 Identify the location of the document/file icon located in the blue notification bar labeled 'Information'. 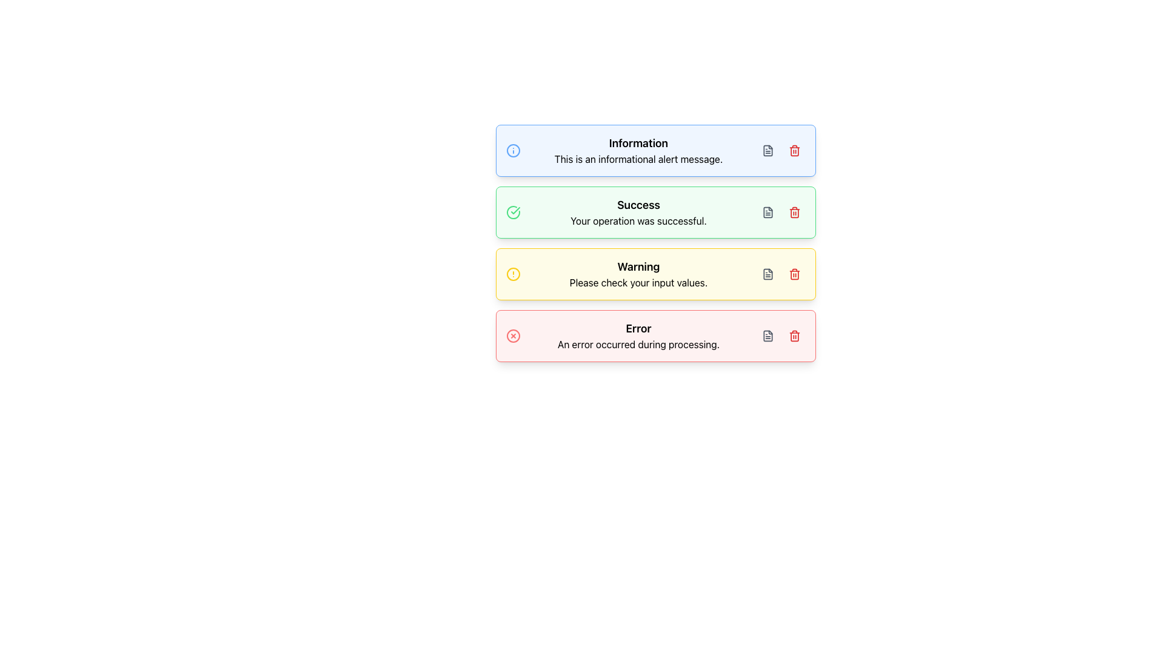
(767, 150).